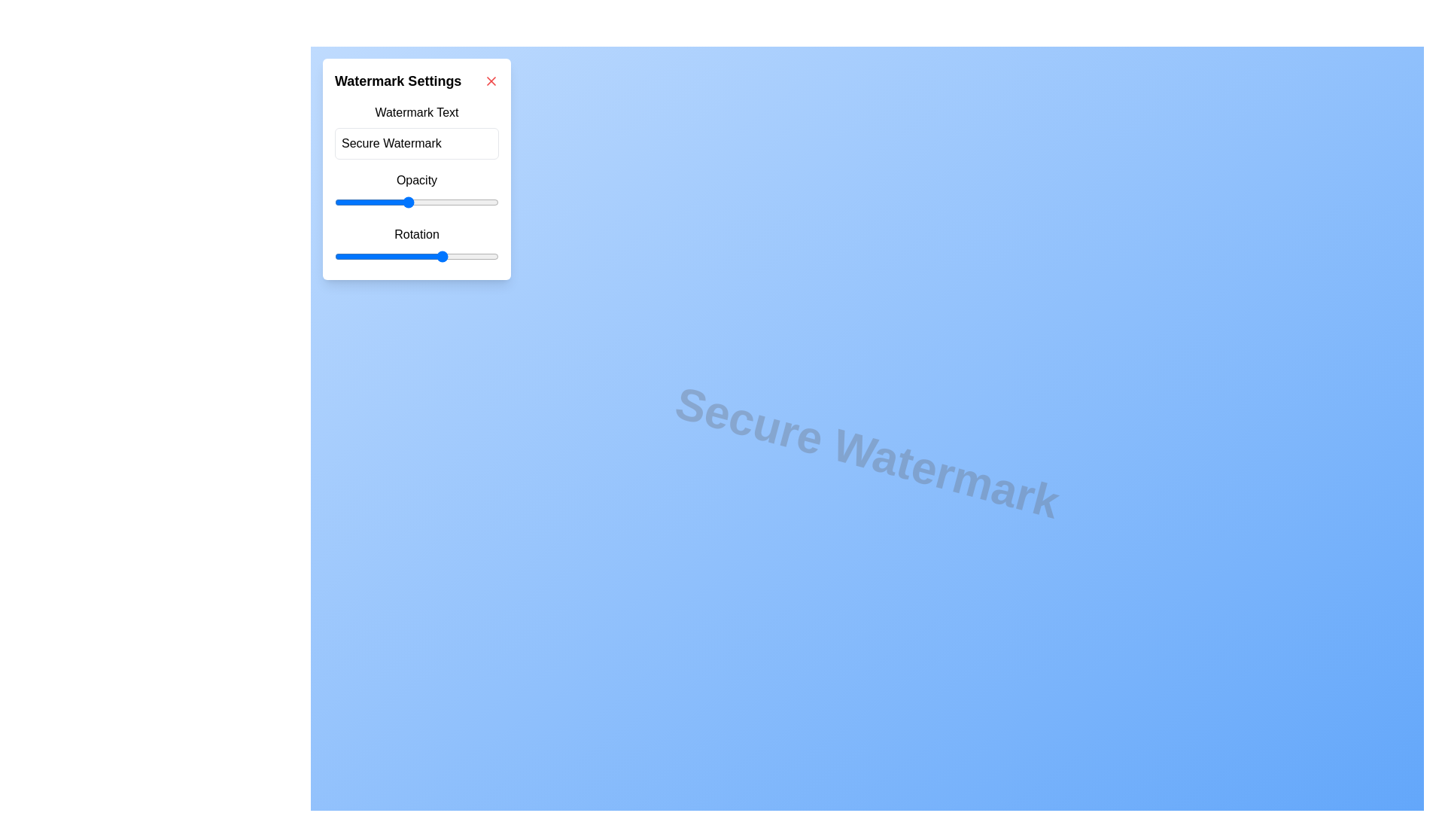 The width and height of the screenshot is (1445, 813). I want to click on the rotation value, so click(388, 255).